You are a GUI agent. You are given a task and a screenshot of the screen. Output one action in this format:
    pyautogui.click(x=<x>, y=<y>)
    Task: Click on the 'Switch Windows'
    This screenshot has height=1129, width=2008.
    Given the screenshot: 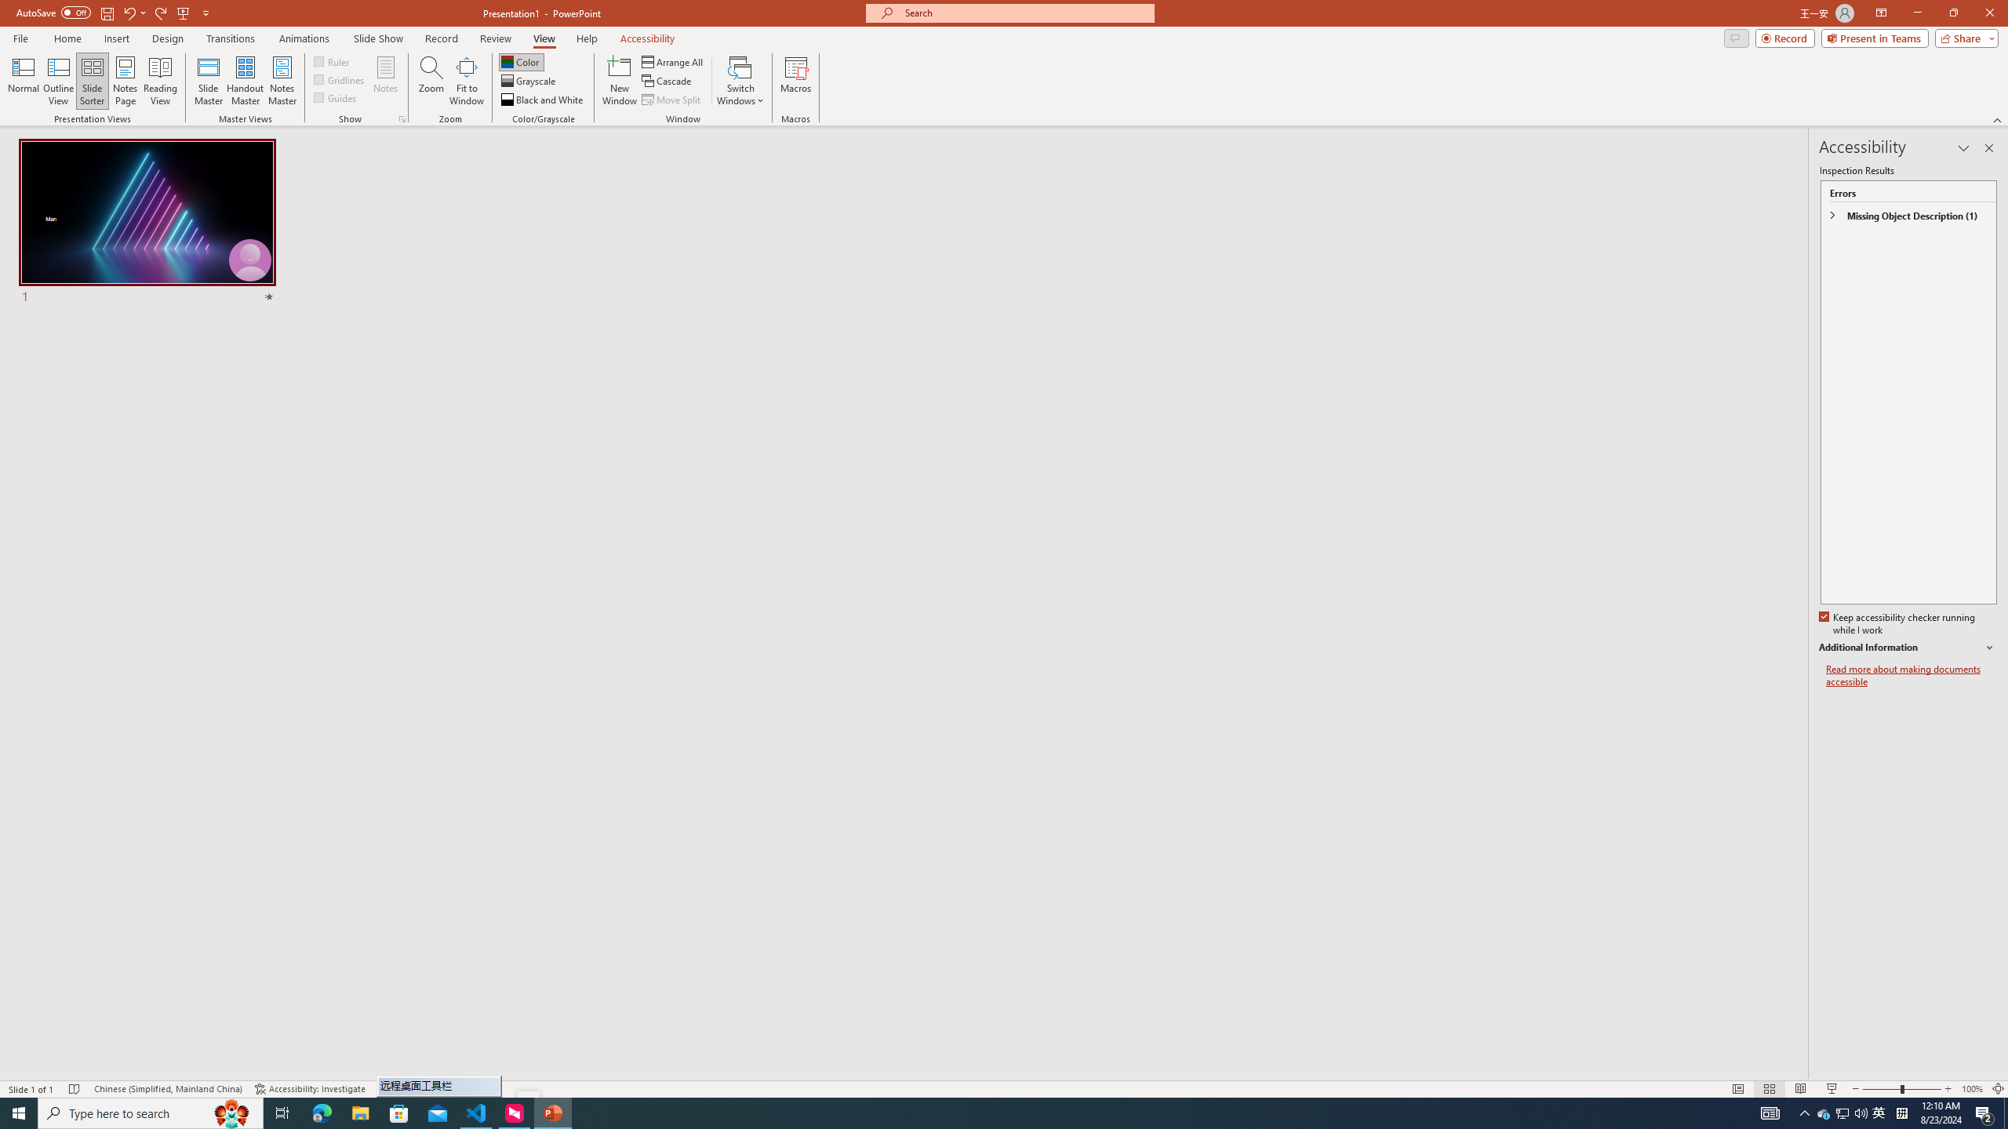 What is the action you would take?
    pyautogui.click(x=740, y=81)
    